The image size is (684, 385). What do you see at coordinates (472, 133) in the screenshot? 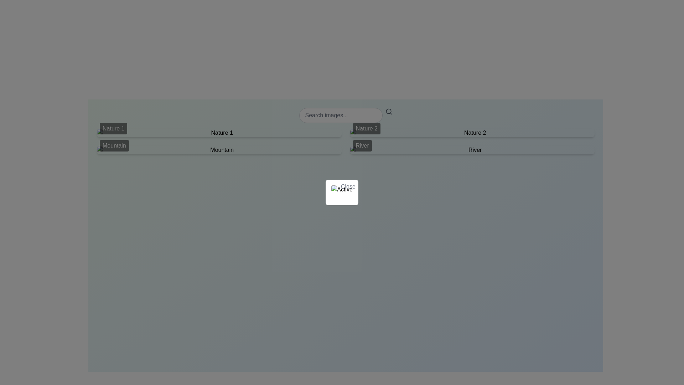
I see `the 'Nature 2' text label` at bounding box center [472, 133].